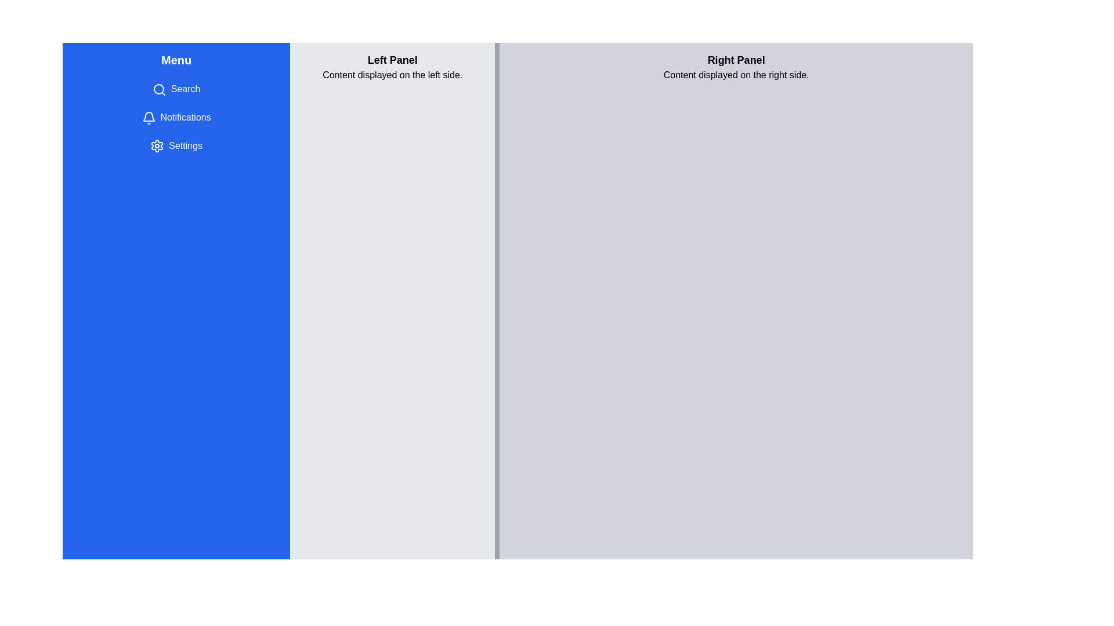  What do you see at coordinates (736, 60) in the screenshot?
I see `the text label 'Right Panel' located at the top of the right gray panel, which serves as a header for the content below` at bounding box center [736, 60].